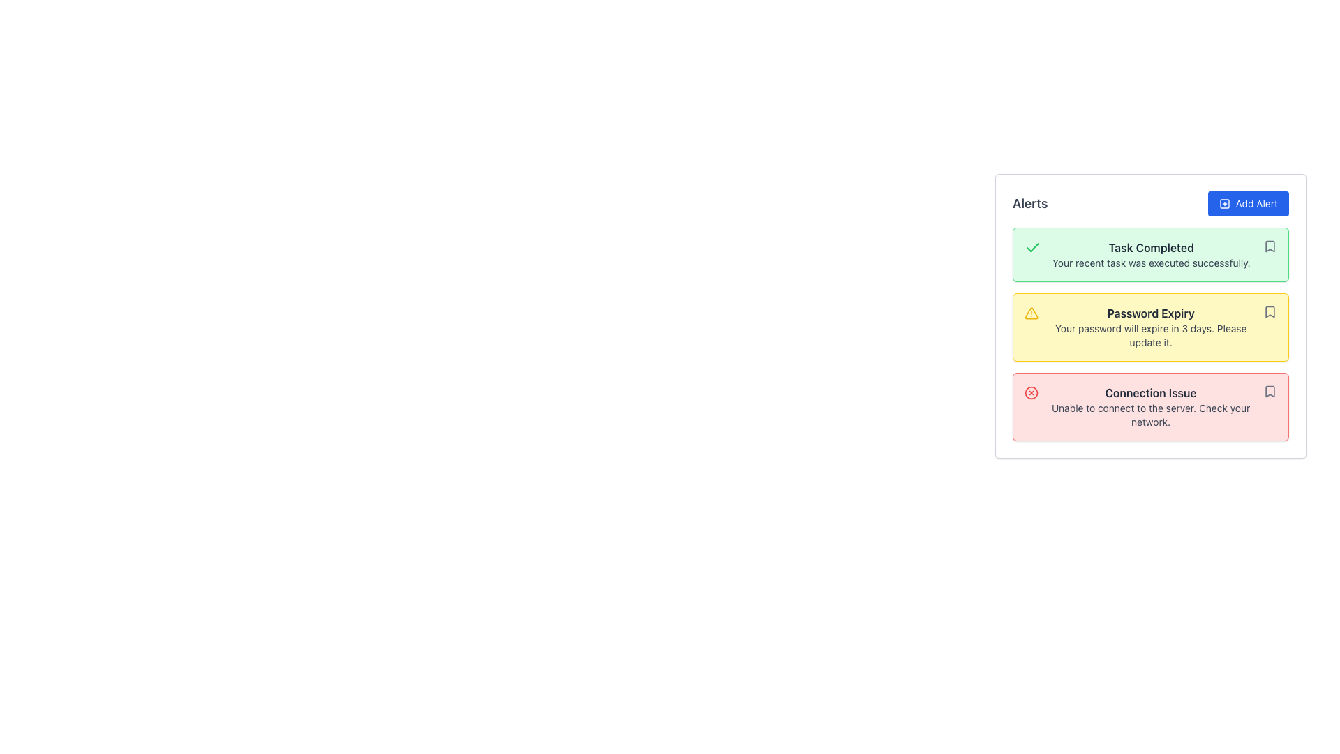 The height and width of the screenshot is (754, 1340). I want to click on information from the notification alert regarding the connection issue located at the bottom of the alert list in the 'Alerts' card, so click(1151, 406).